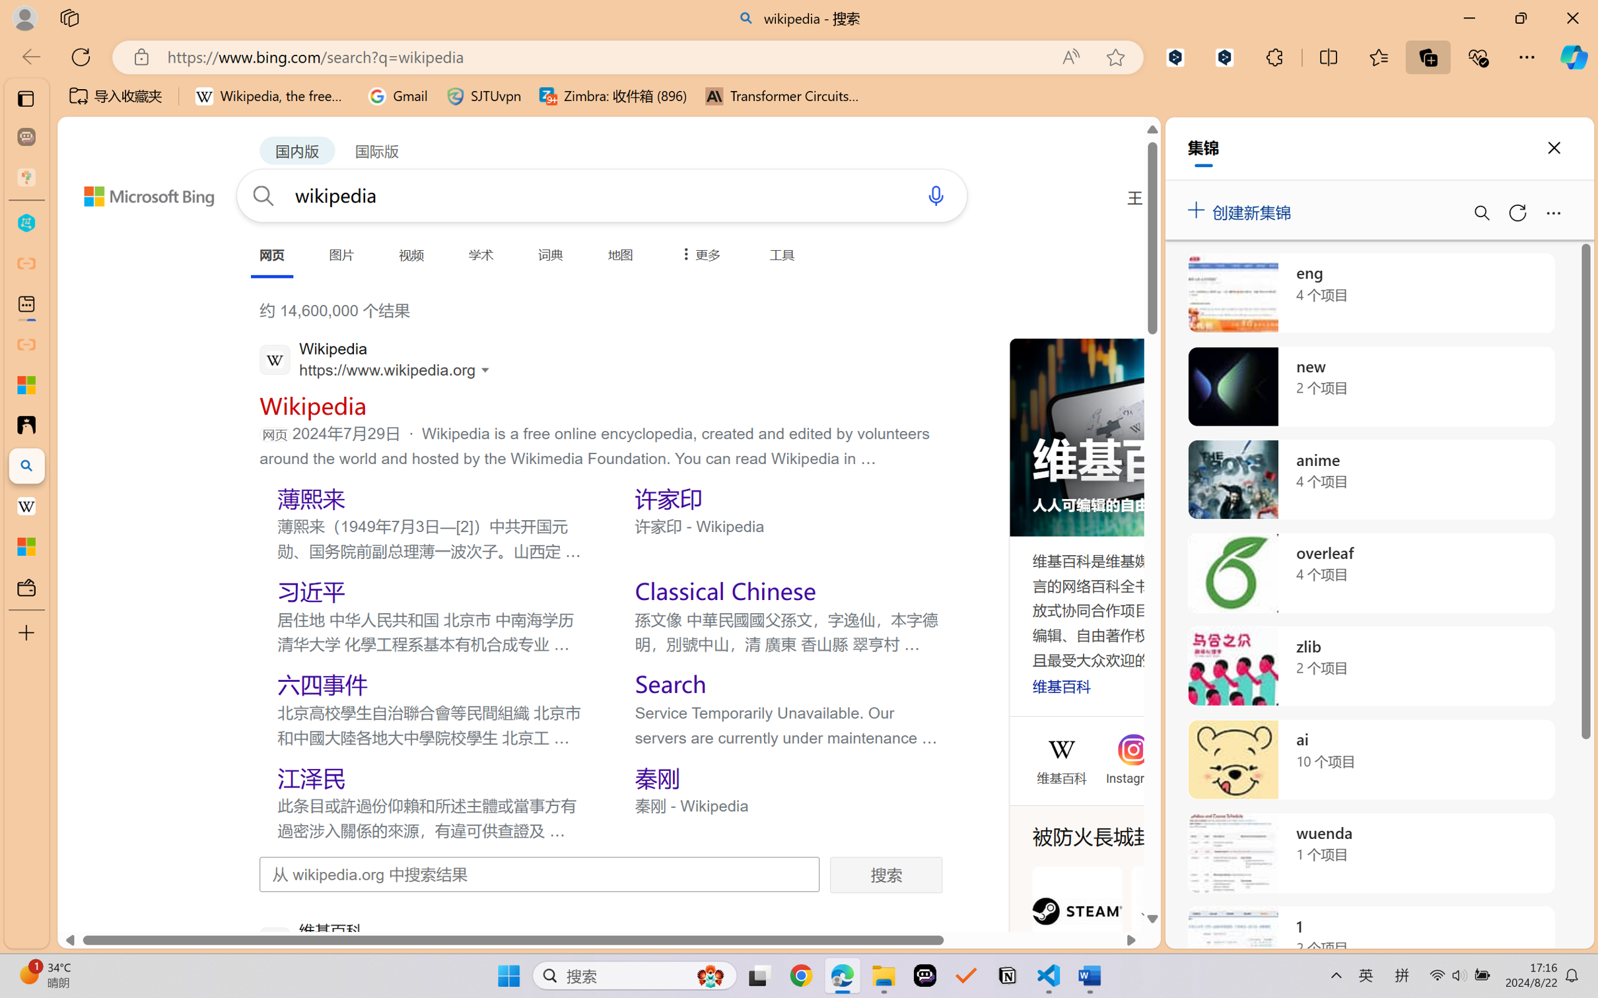  Describe the element at coordinates (1067, 850) in the screenshot. I see `'AutomationID: mfa_root'` at that location.